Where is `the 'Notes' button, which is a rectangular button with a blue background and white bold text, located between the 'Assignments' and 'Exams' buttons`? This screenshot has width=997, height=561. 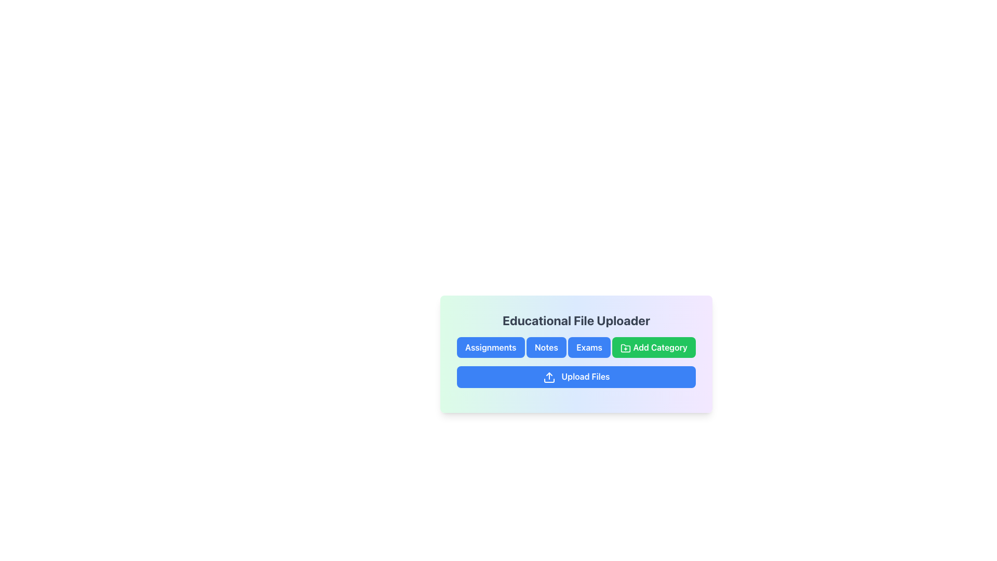
the 'Notes' button, which is a rectangular button with a blue background and white bold text, located between the 'Assignments' and 'Exams' buttons is located at coordinates (546, 347).